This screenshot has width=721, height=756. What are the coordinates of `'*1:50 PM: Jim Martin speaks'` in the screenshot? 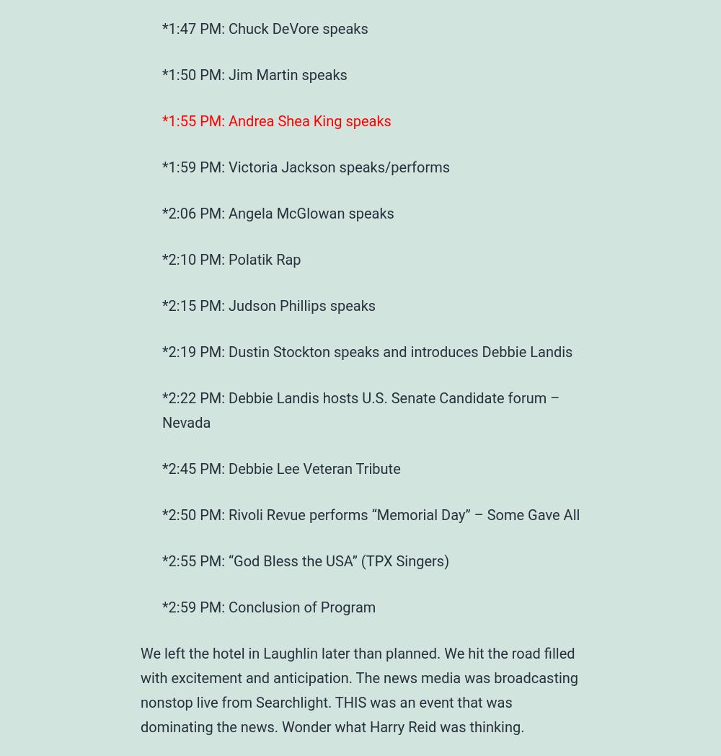 It's located at (254, 74).